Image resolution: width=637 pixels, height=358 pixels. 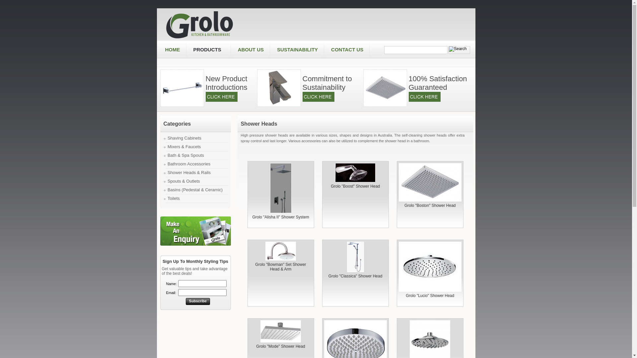 What do you see at coordinates (355, 172) in the screenshot?
I see `'Grolo "Boost" Shower Head'` at bounding box center [355, 172].